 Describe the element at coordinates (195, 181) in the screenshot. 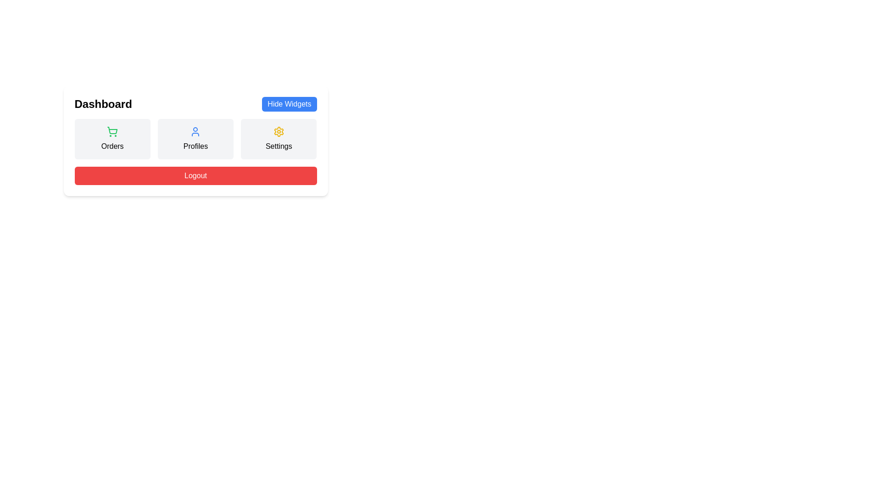

I see `the 'Logout' button located in the 'Dashboard' section` at that location.